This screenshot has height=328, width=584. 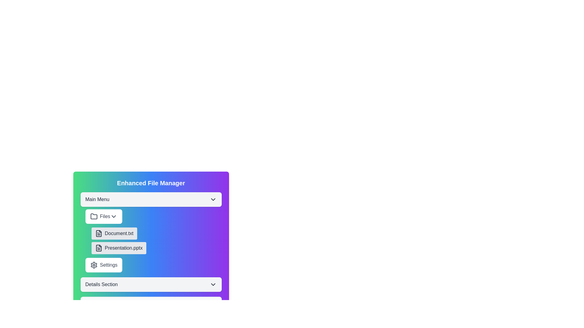 I want to click on the 'Document.txt' file button, so click(x=114, y=233).